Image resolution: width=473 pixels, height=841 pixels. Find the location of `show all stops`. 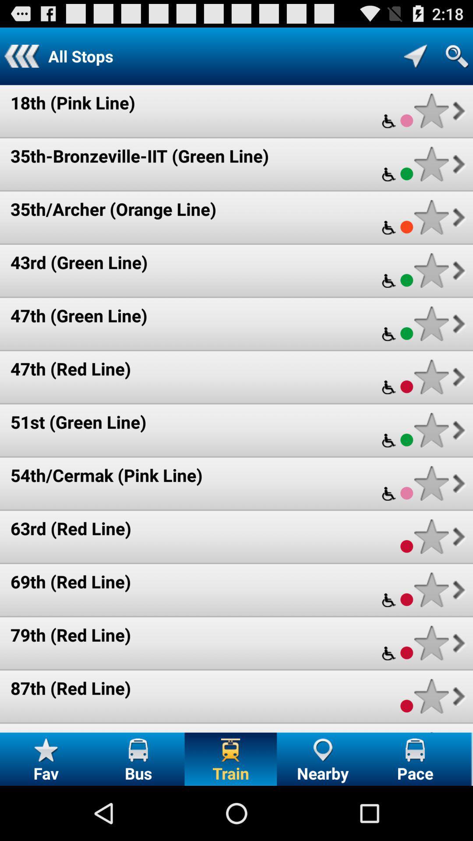

show all stops is located at coordinates (415, 56).